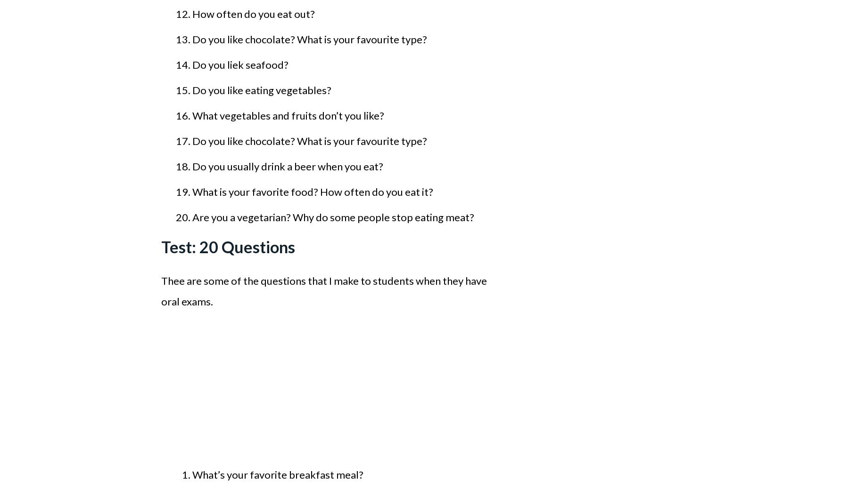  I want to click on 'Do you usually drink a beer when you eat?', so click(192, 166).